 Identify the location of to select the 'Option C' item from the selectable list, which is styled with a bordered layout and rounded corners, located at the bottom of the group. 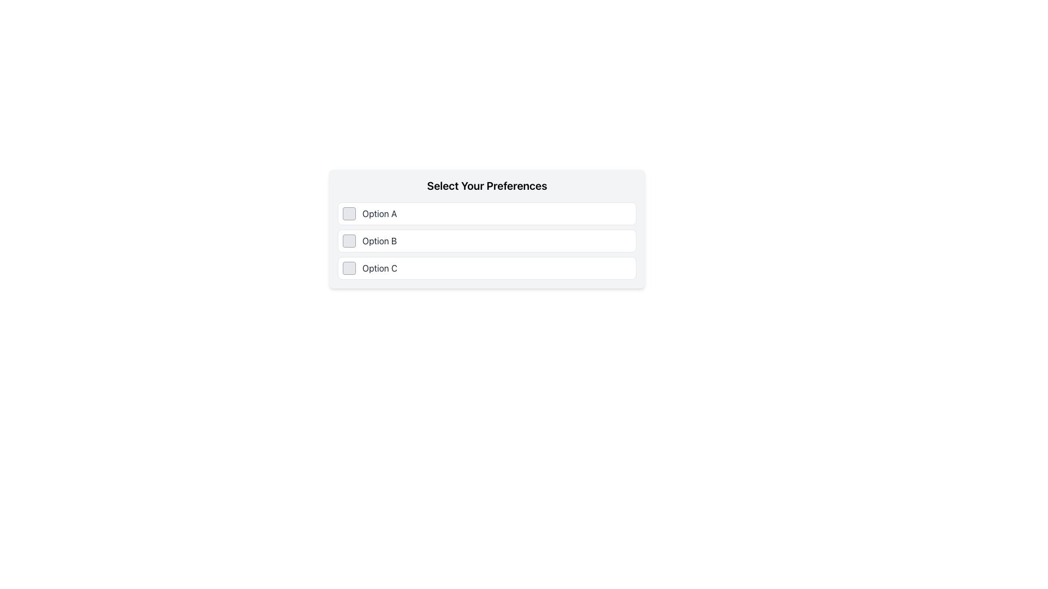
(486, 268).